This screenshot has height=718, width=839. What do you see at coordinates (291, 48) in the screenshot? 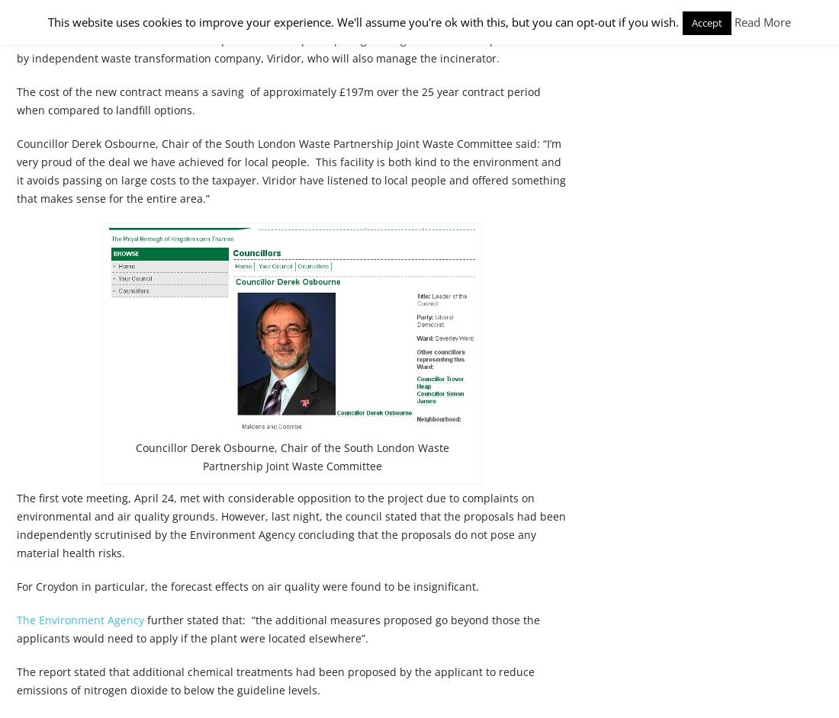
I see `'The current site is used for landfill for up to 63% of the participating borough’s waste. This operation is run by independent waste transformation company, Viridor, who will also manage the incinerator.'` at bounding box center [291, 48].